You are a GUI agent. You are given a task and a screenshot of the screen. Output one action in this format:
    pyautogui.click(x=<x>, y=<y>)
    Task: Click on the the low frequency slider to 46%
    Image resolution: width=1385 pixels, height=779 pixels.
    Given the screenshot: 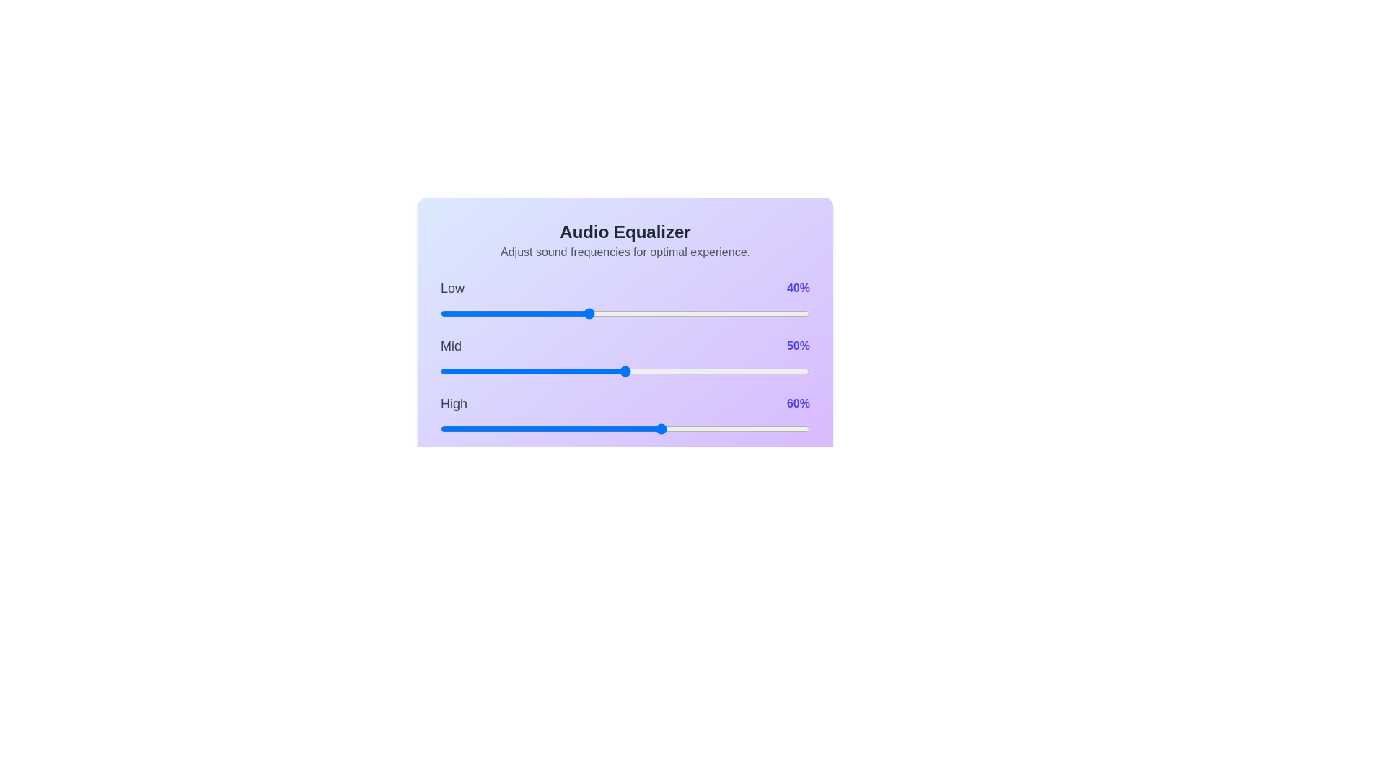 What is the action you would take?
    pyautogui.click(x=610, y=313)
    